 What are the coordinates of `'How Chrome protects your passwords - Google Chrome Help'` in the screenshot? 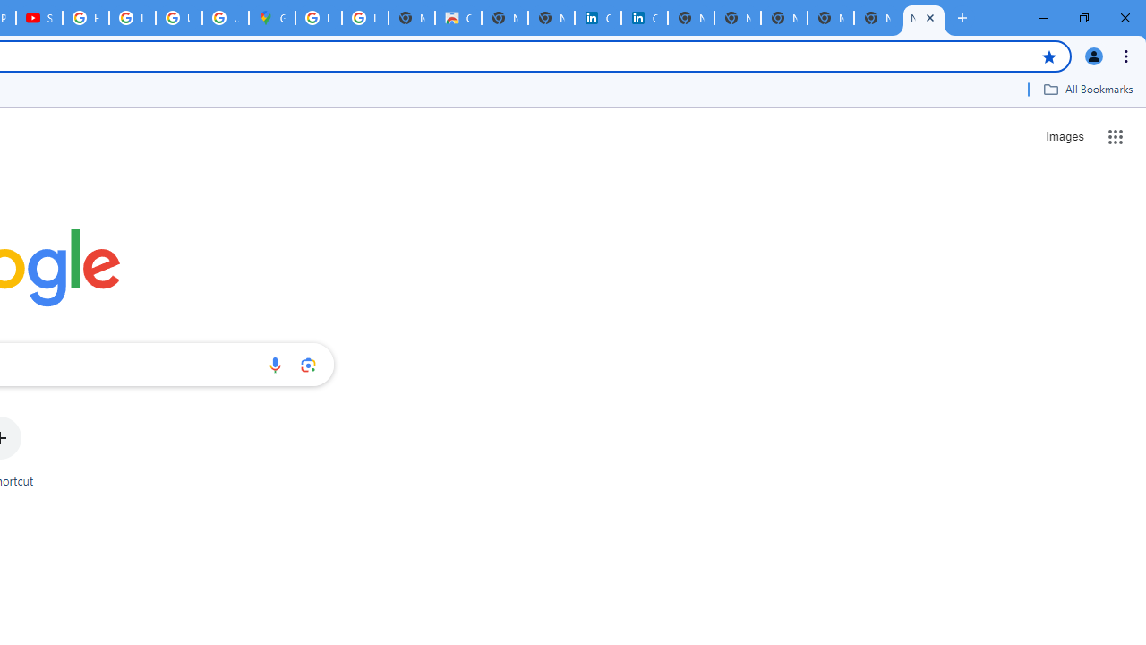 It's located at (85, 18).